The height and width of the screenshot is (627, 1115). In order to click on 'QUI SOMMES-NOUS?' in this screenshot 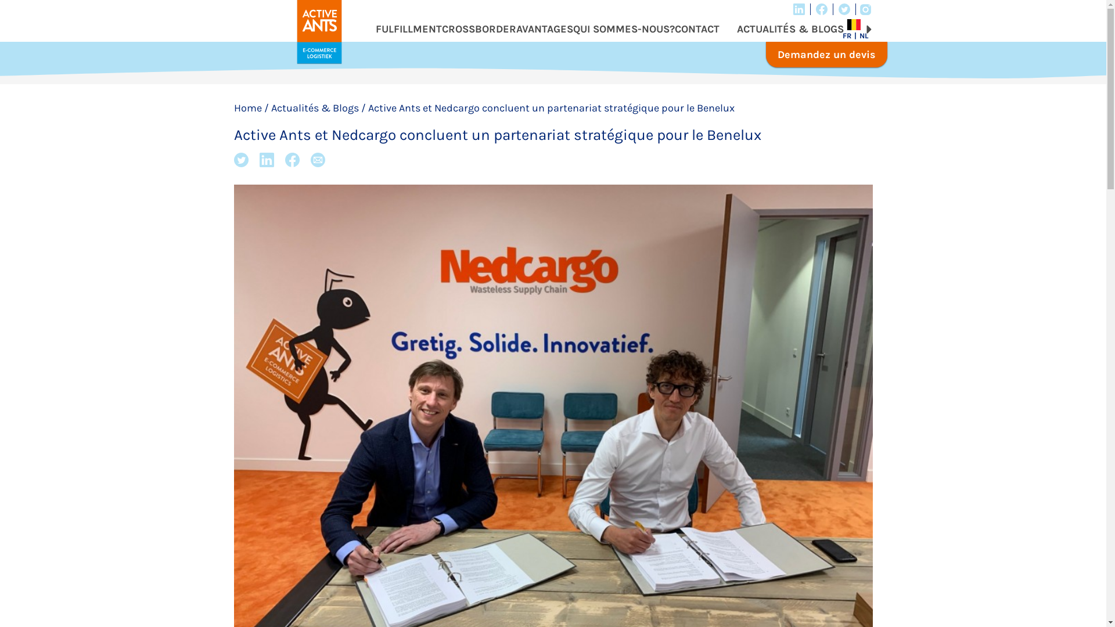, I will do `click(623, 28)`.